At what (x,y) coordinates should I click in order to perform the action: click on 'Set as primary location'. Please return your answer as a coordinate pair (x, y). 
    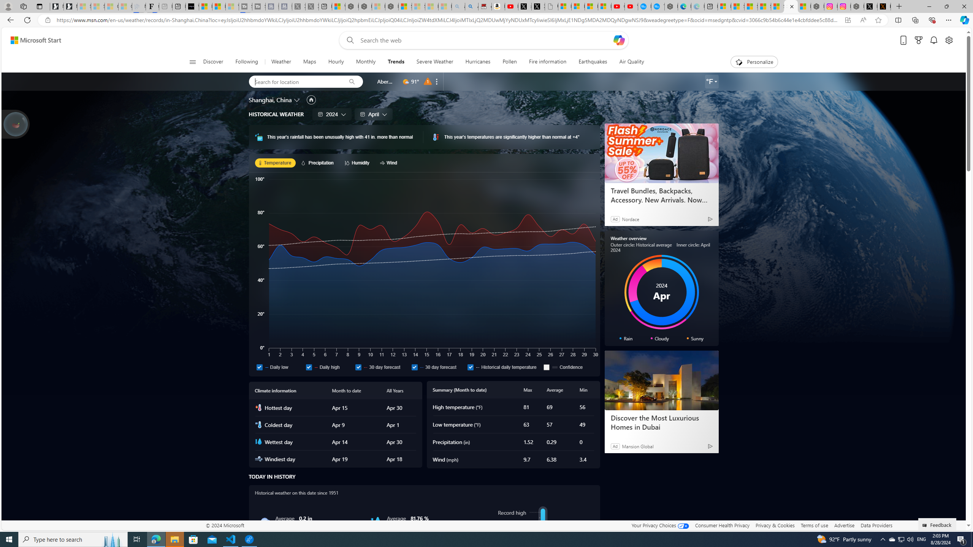
    Looking at the image, I should click on (311, 99).